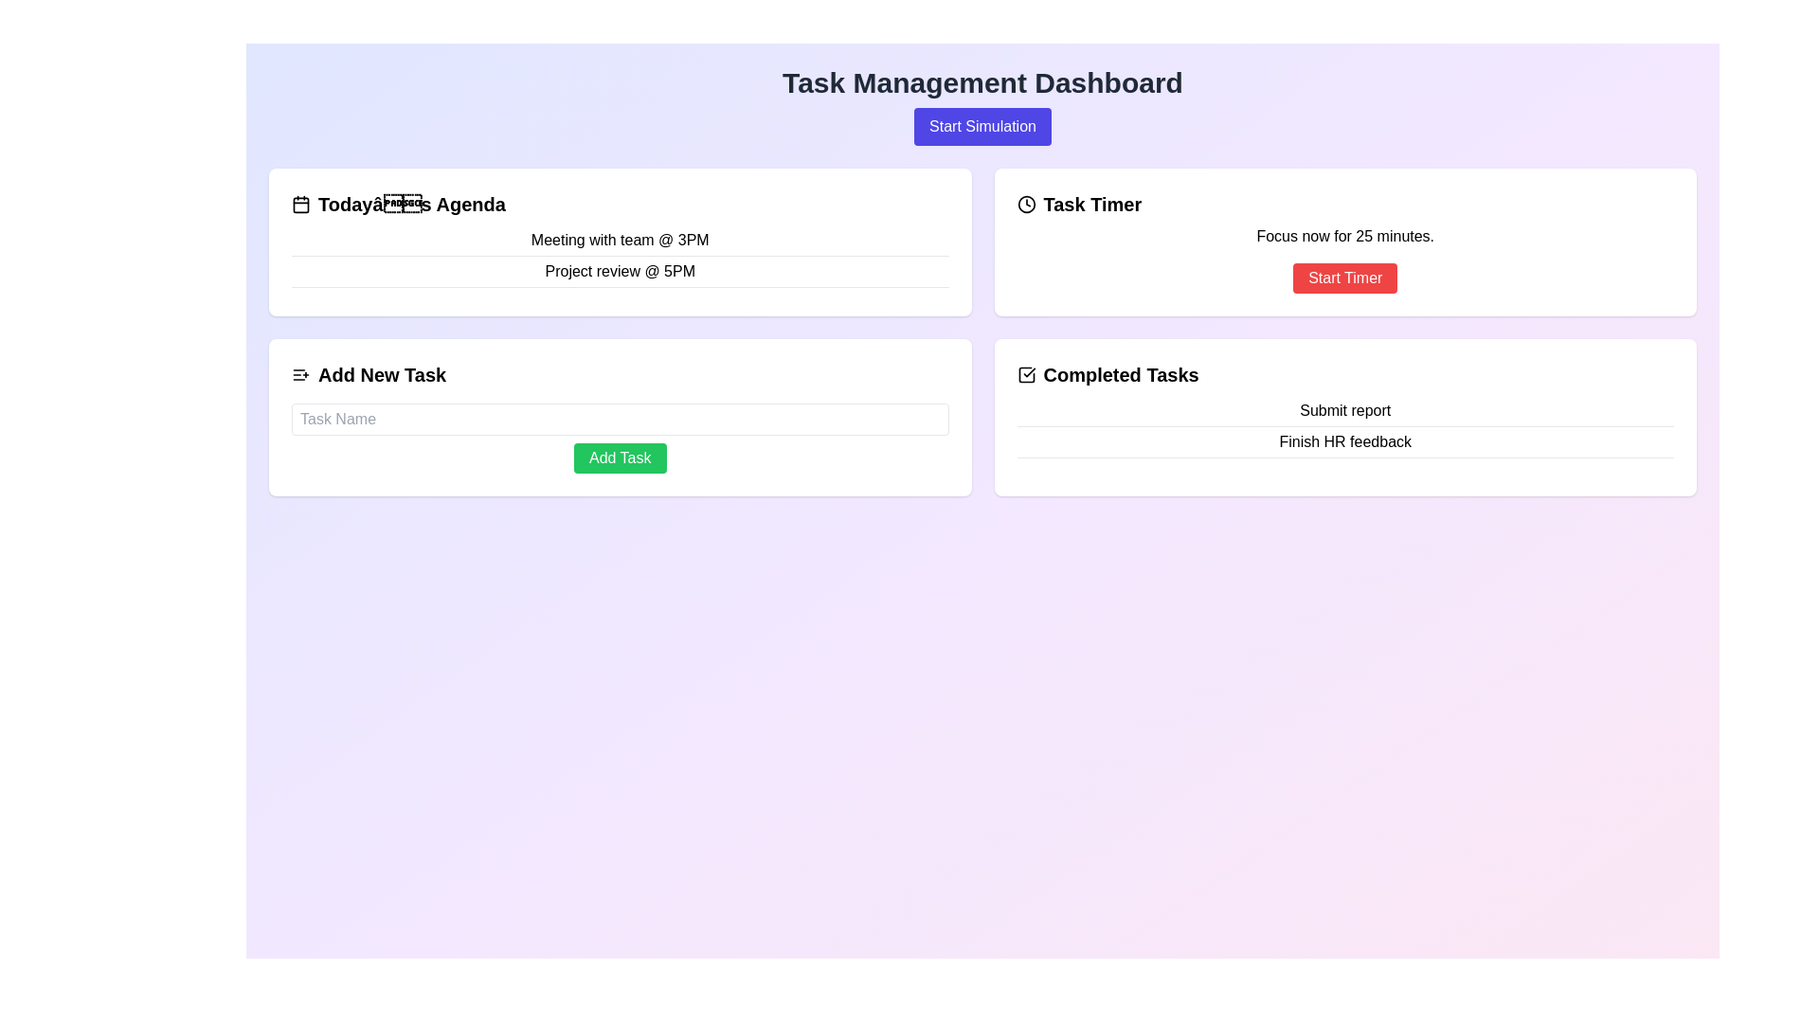  What do you see at coordinates (620, 458) in the screenshot?
I see `the rectangular green button labeled 'Add Task' located in the 'Add New Task' section` at bounding box center [620, 458].